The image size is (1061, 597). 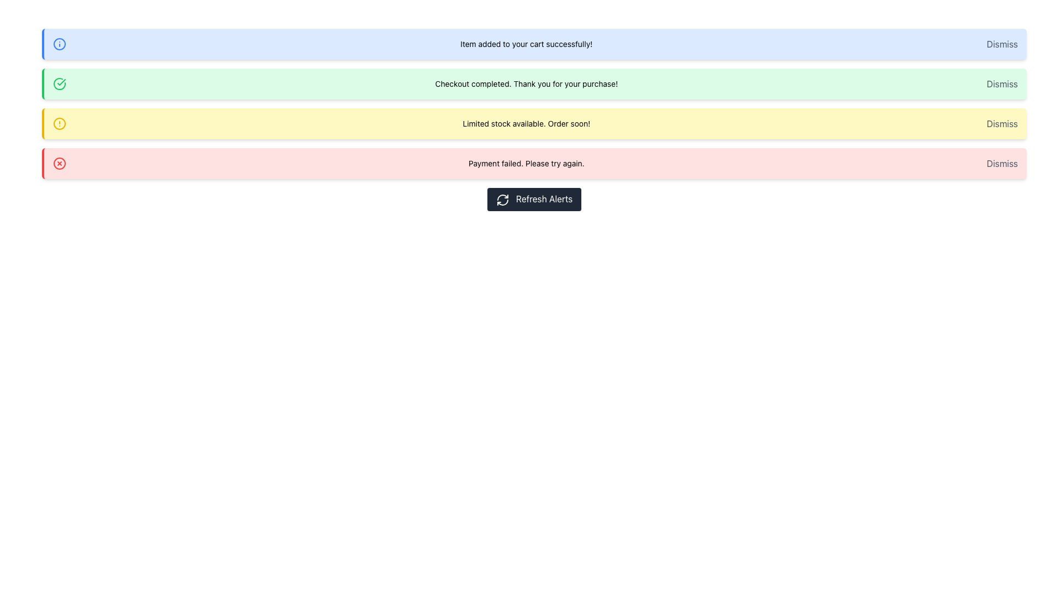 I want to click on the Informational Icon, a circular blue icon located at the left side of the notification bar labeled 'Item added to your cart successfully!', so click(x=59, y=44).